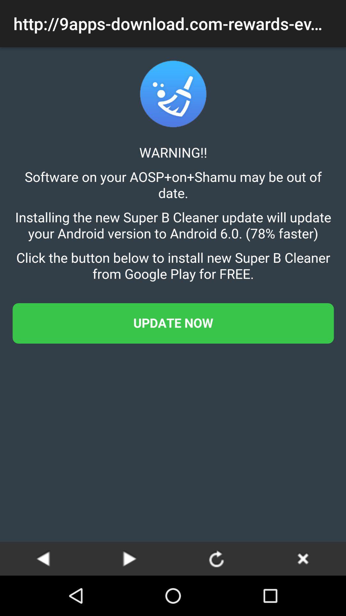 This screenshot has height=616, width=346. I want to click on start the app, so click(130, 558).